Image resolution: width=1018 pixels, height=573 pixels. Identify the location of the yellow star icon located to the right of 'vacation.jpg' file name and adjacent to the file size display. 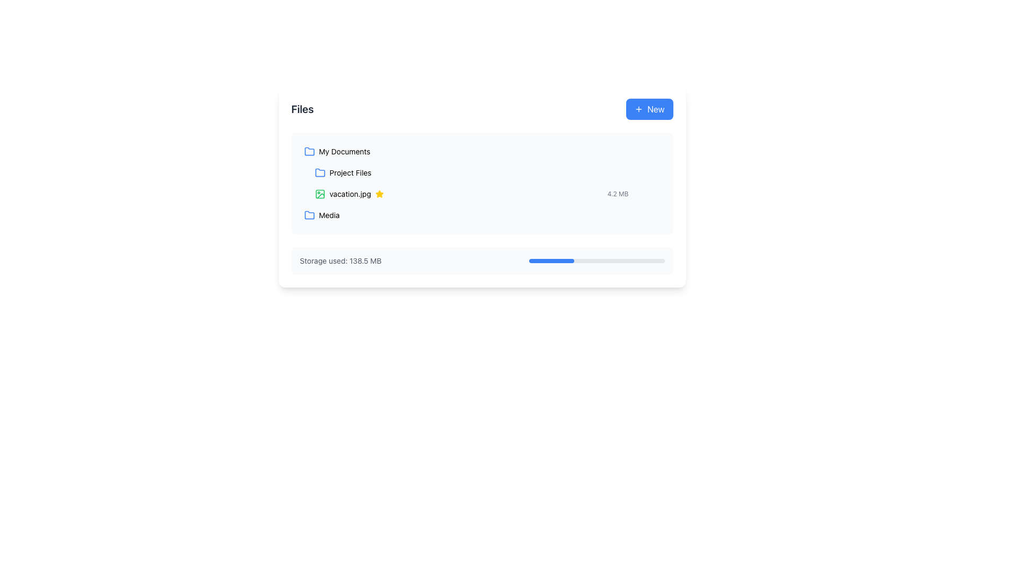
(379, 194).